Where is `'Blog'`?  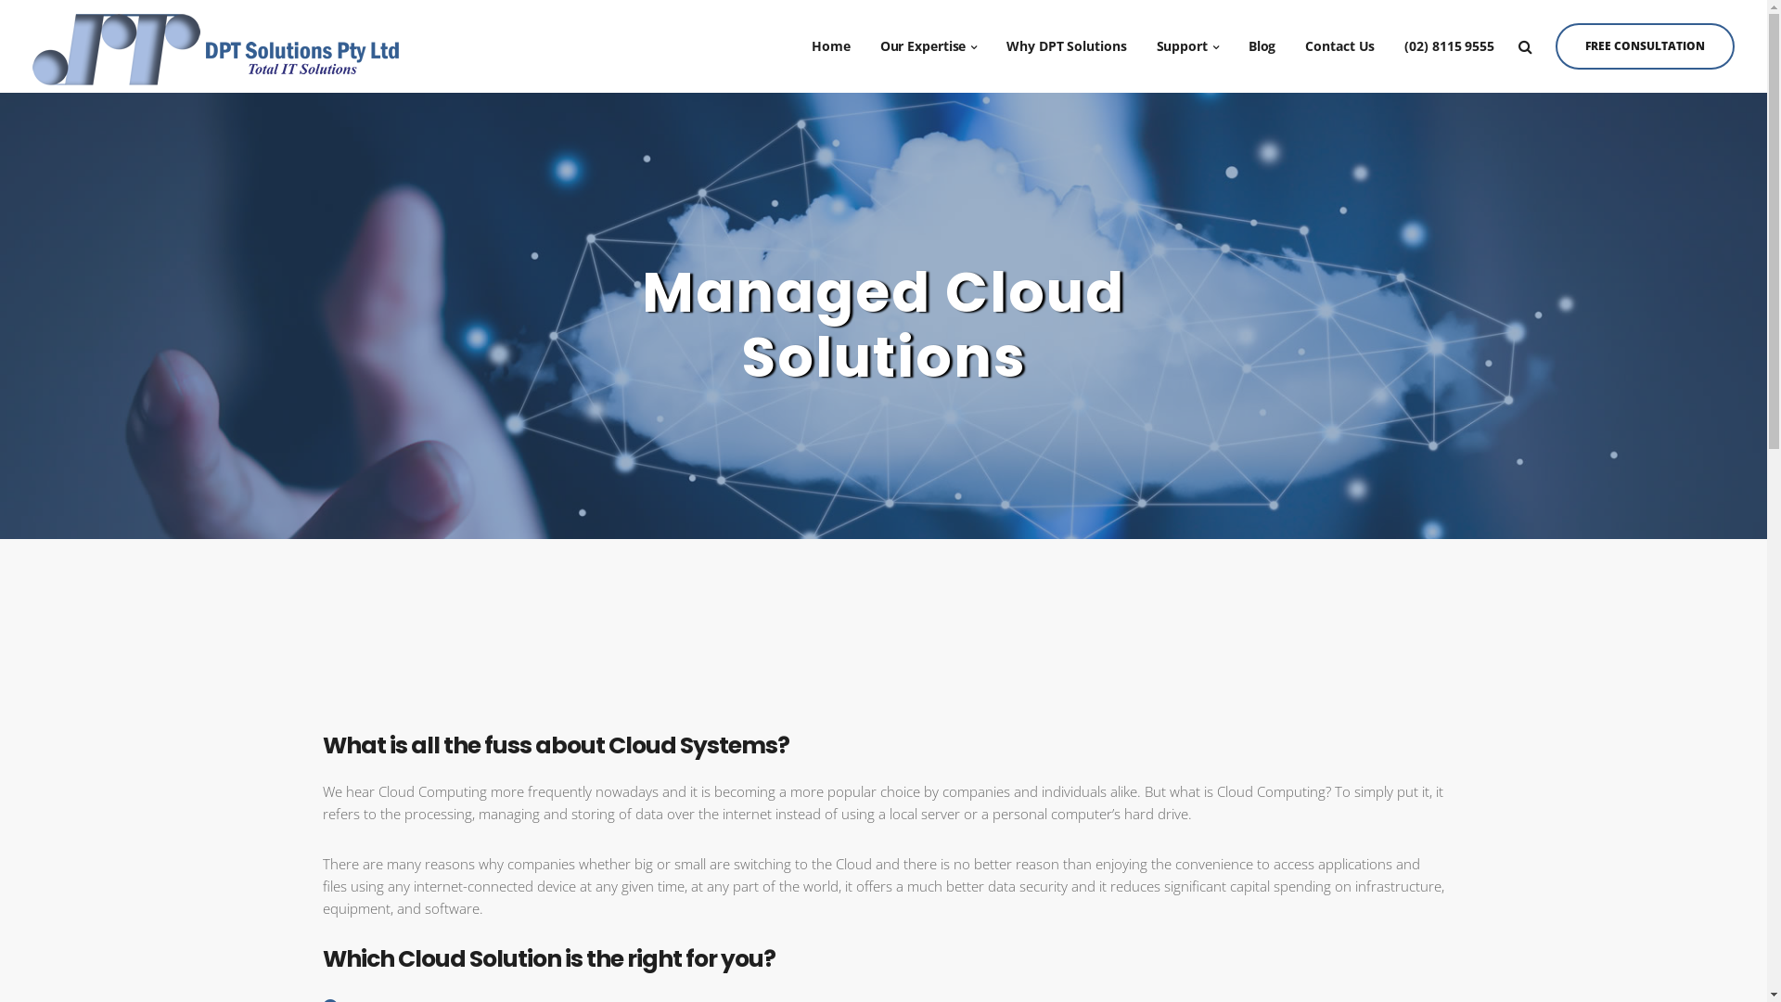 'Blog' is located at coordinates (1233, 45).